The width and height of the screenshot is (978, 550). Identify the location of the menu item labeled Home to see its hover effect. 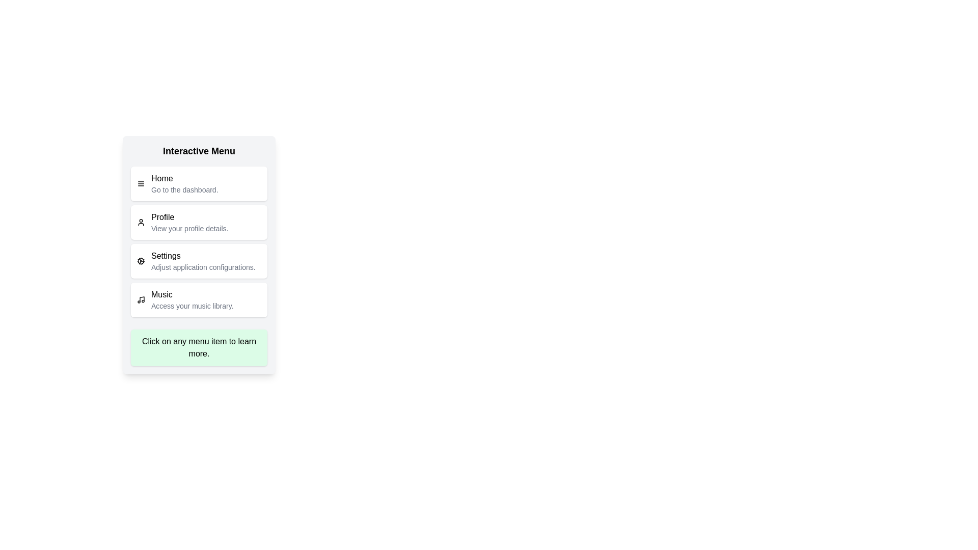
(199, 184).